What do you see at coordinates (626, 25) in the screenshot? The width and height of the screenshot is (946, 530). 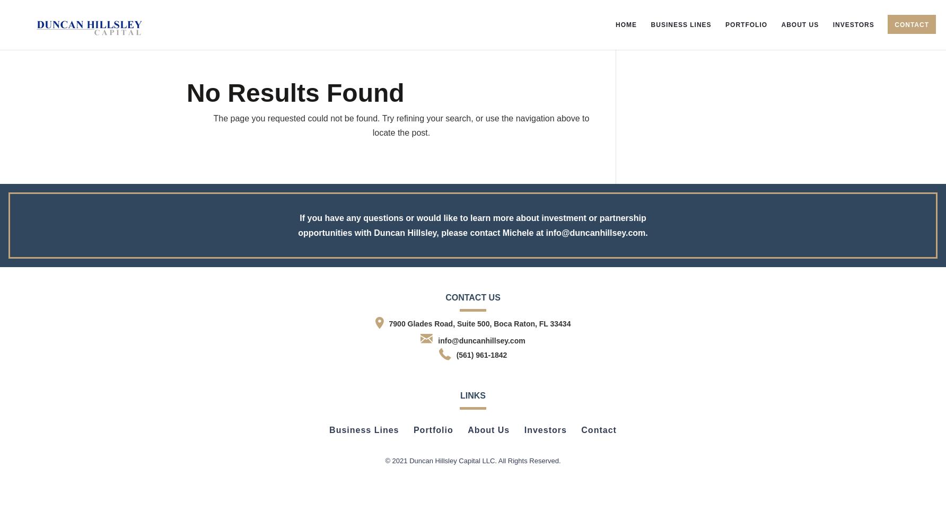 I see `'Home'` at bounding box center [626, 25].